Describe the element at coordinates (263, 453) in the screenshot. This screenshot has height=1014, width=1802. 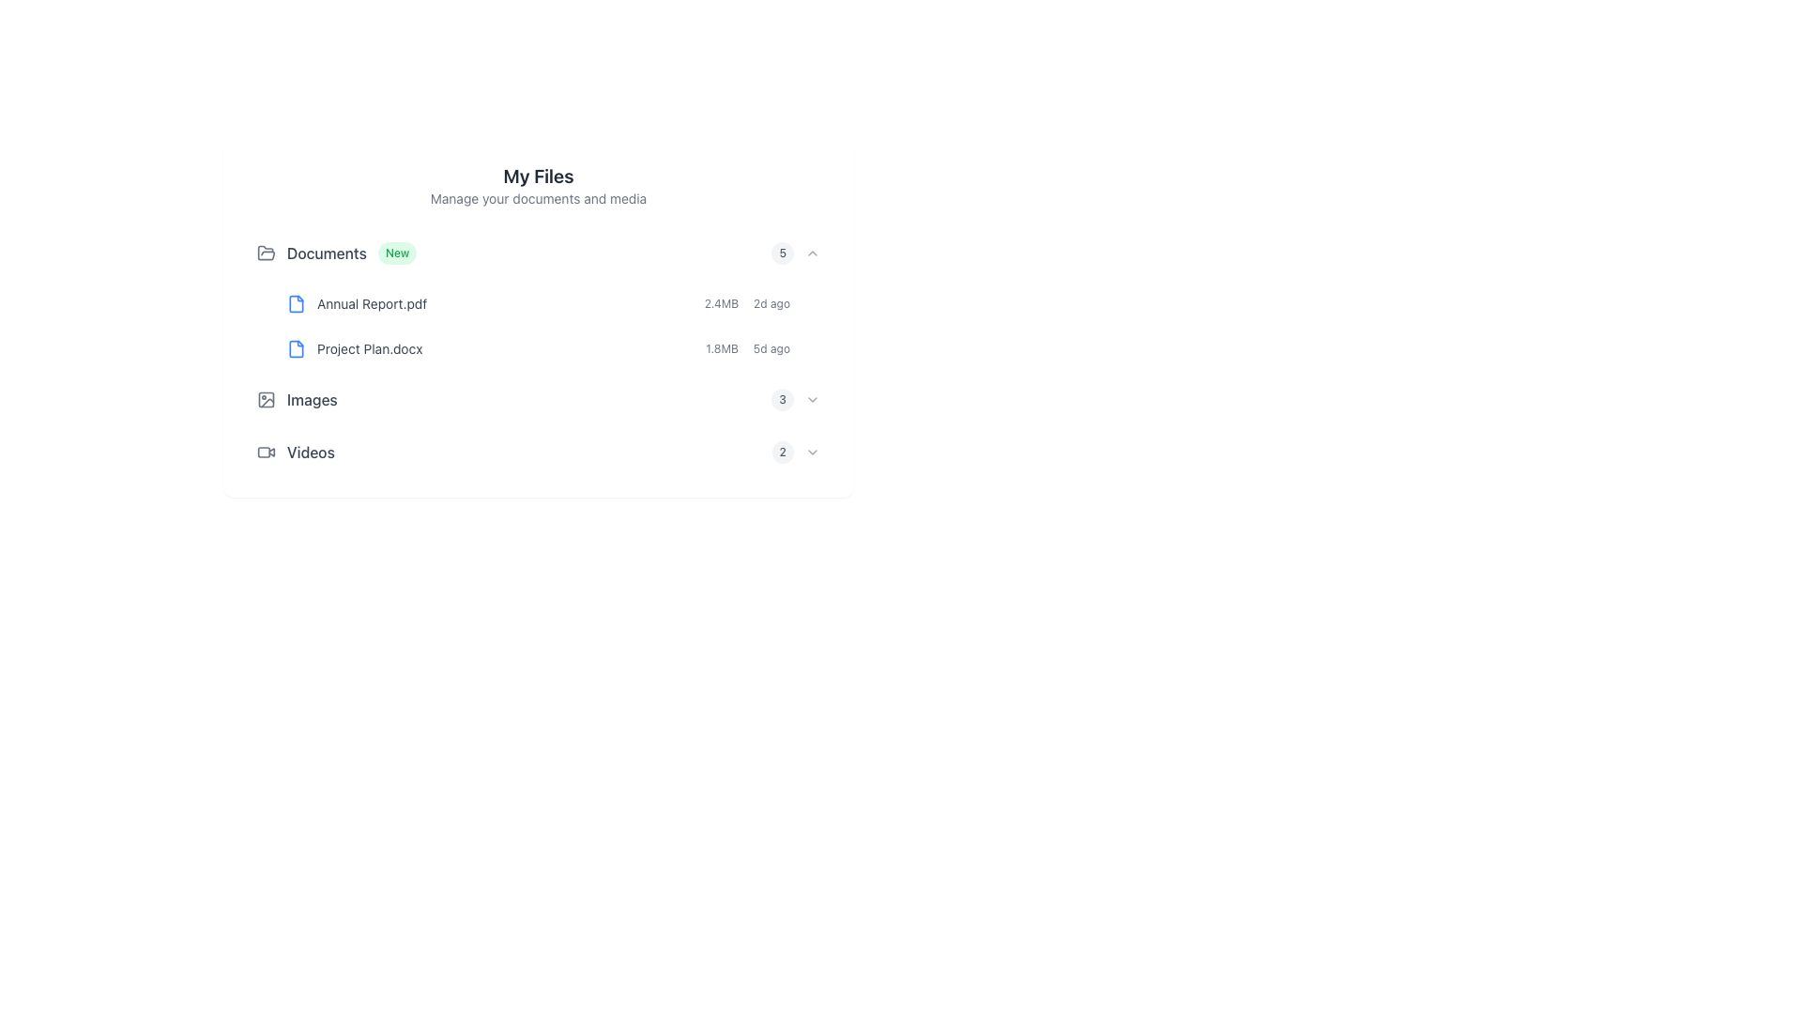
I see `the rectangular SVG component representing a video icon located at the bottom-left of the 'Videos' section header` at that location.